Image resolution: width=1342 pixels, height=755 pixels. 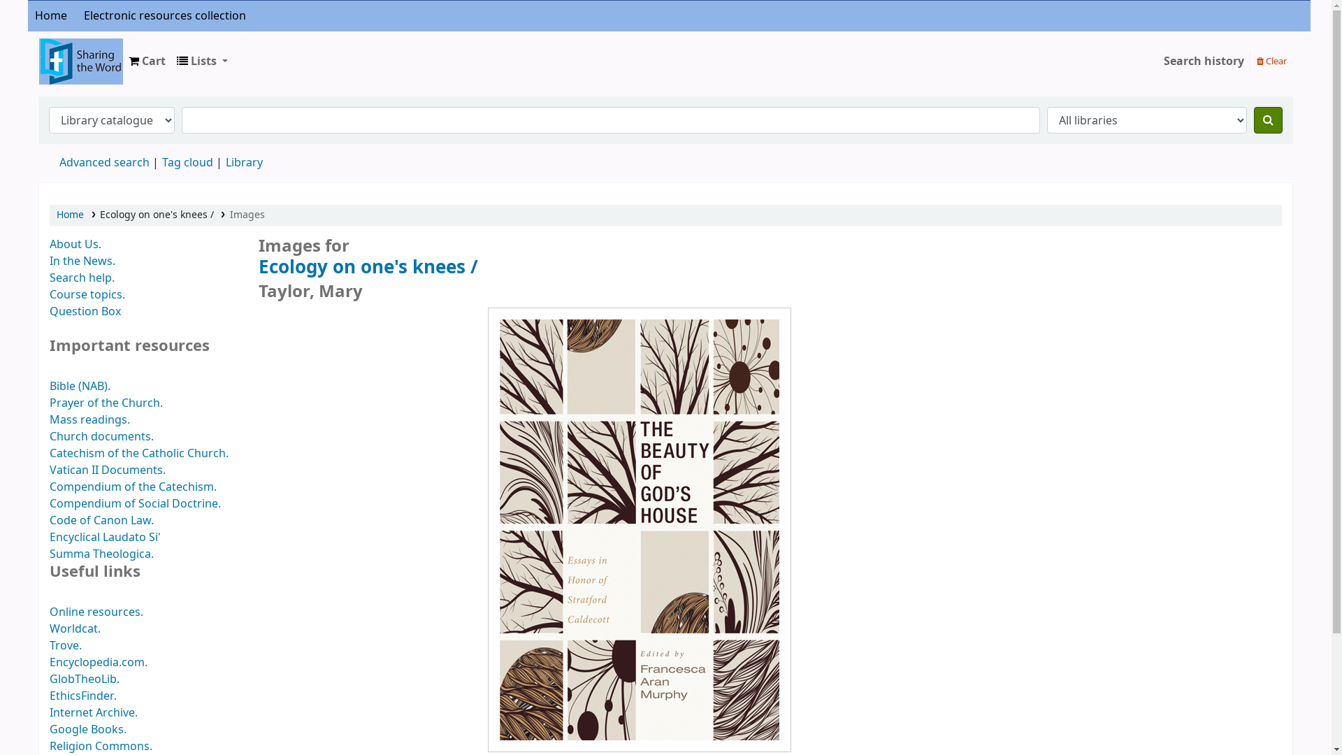 What do you see at coordinates (133, 487) in the screenshot?
I see `'Compendium of the Catechism.'` at bounding box center [133, 487].